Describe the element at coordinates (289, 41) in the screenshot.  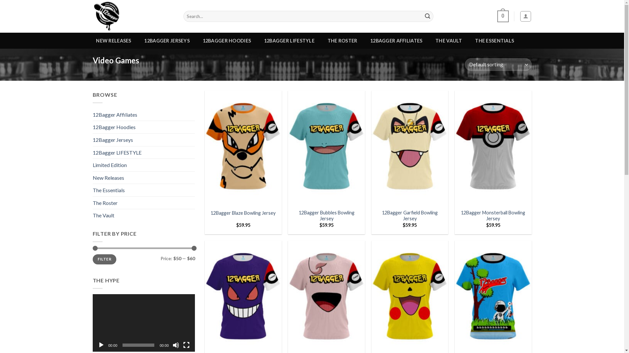
I see `'12BAGGER LIFESTYLE'` at that location.